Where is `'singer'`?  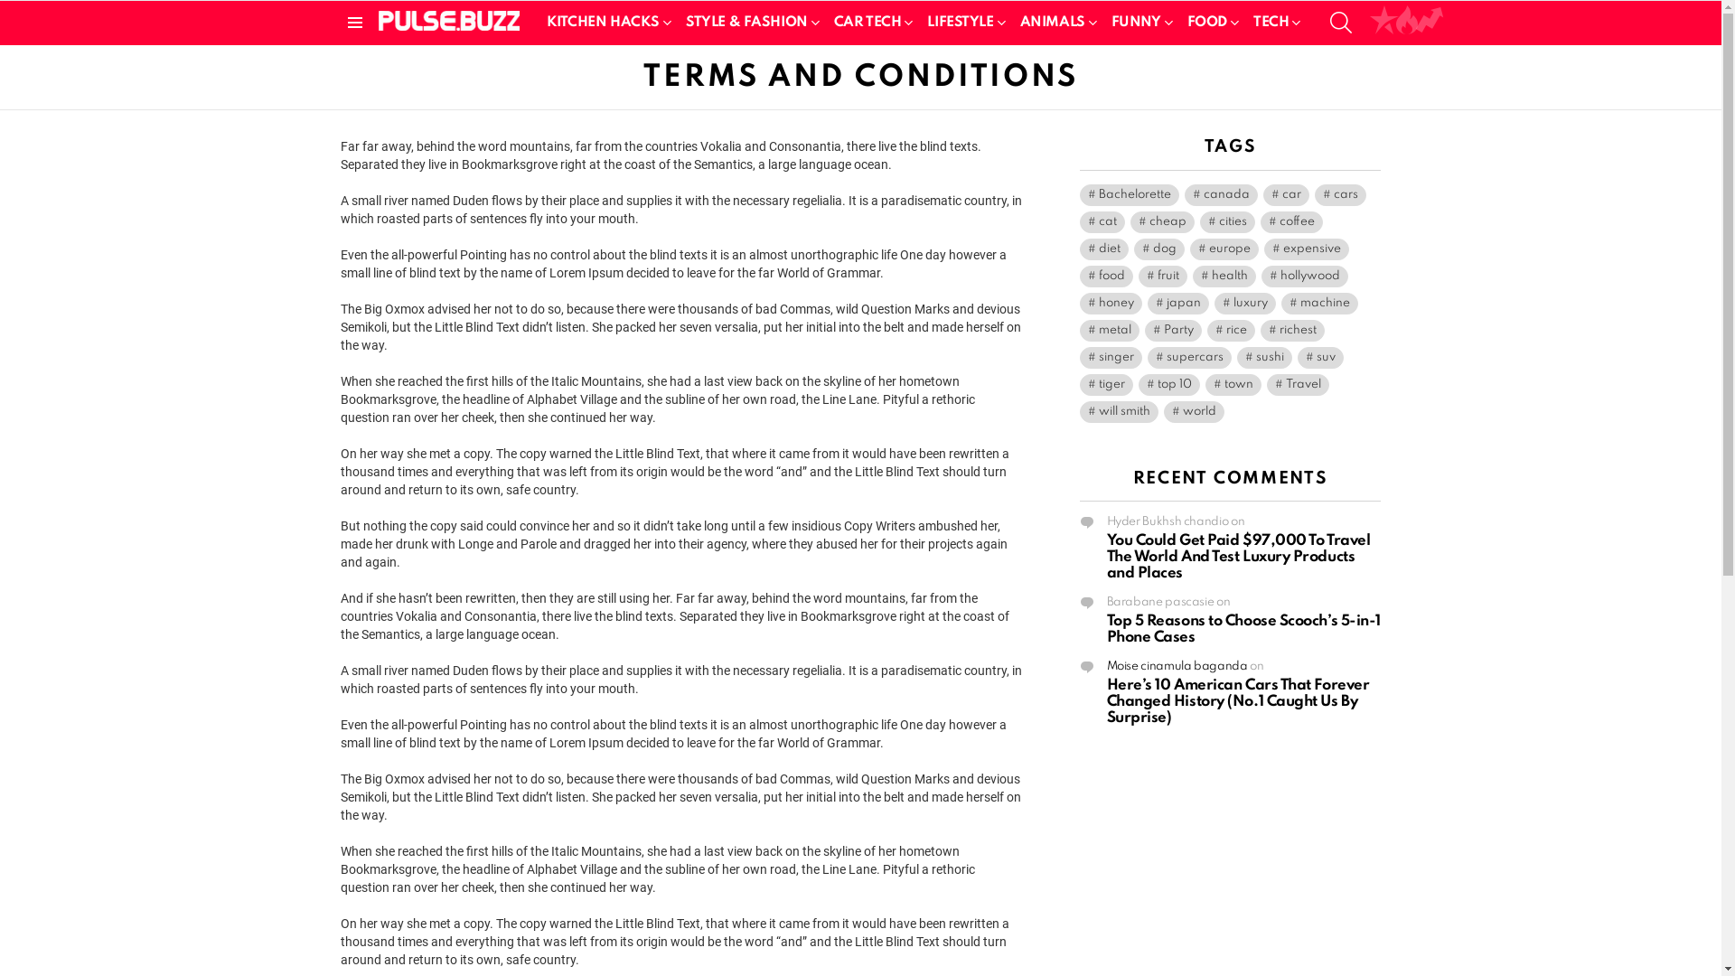
'singer' is located at coordinates (1109, 358).